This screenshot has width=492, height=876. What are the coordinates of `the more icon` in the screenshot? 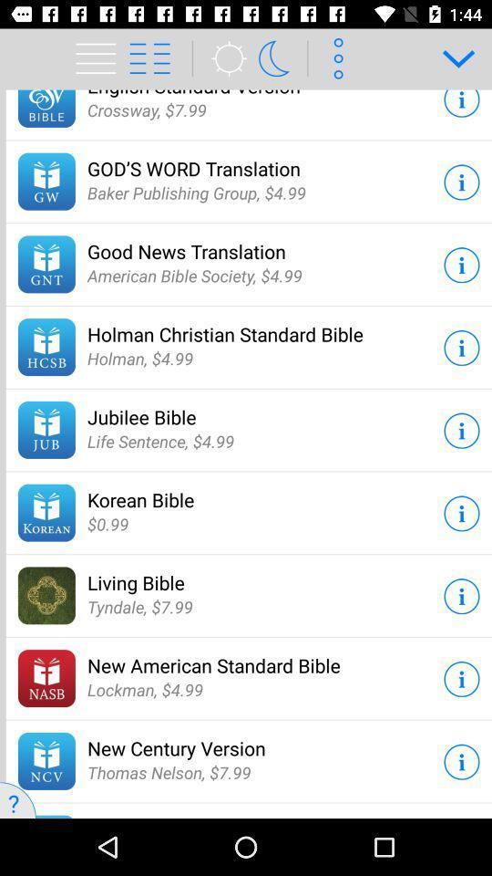 It's located at (334, 58).